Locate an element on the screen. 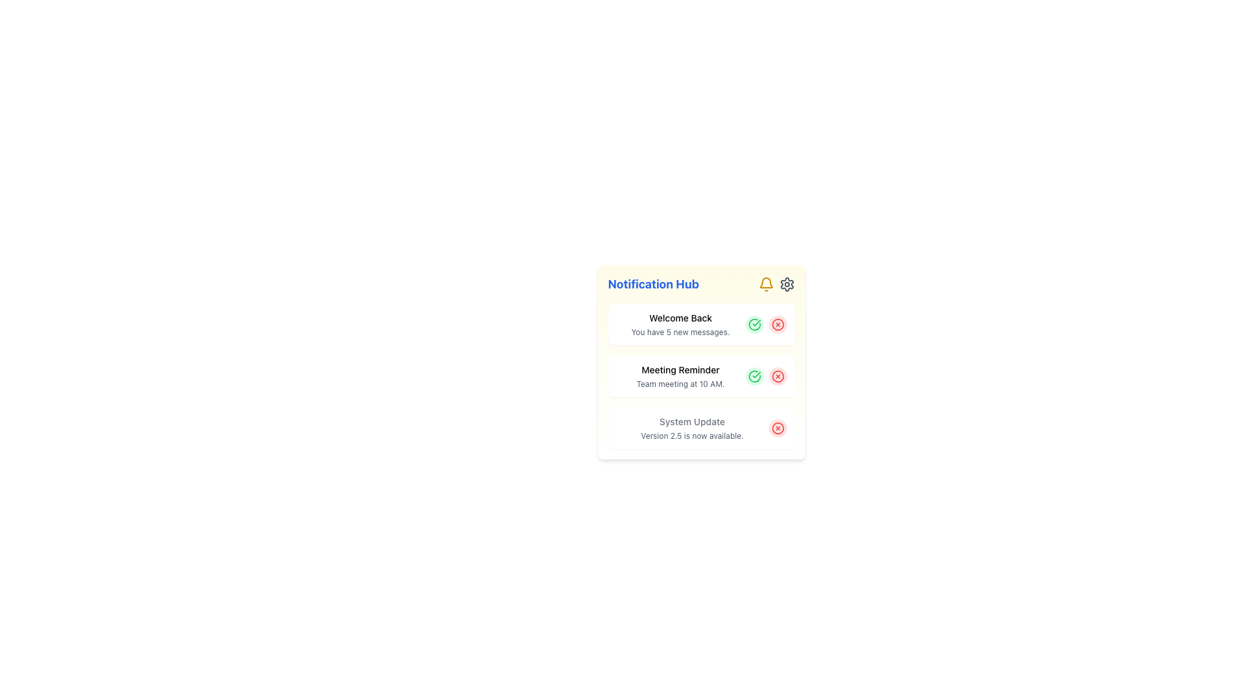  notification text that informs users about the availability of System Update Version 2.5, located at the bottom of the notification card, below the 'Meeting Reminder' notification is located at coordinates (691, 428).